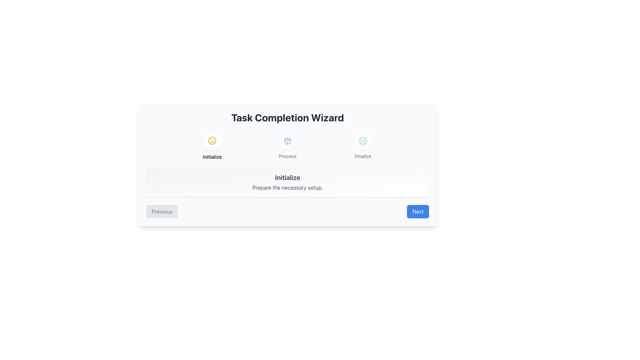 This screenshot has width=640, height=360. I want to click on the 'Finalize' text label, which is styled in gray and is positioned below a circular green check symbol in a wizard interface, so click(363, 156).